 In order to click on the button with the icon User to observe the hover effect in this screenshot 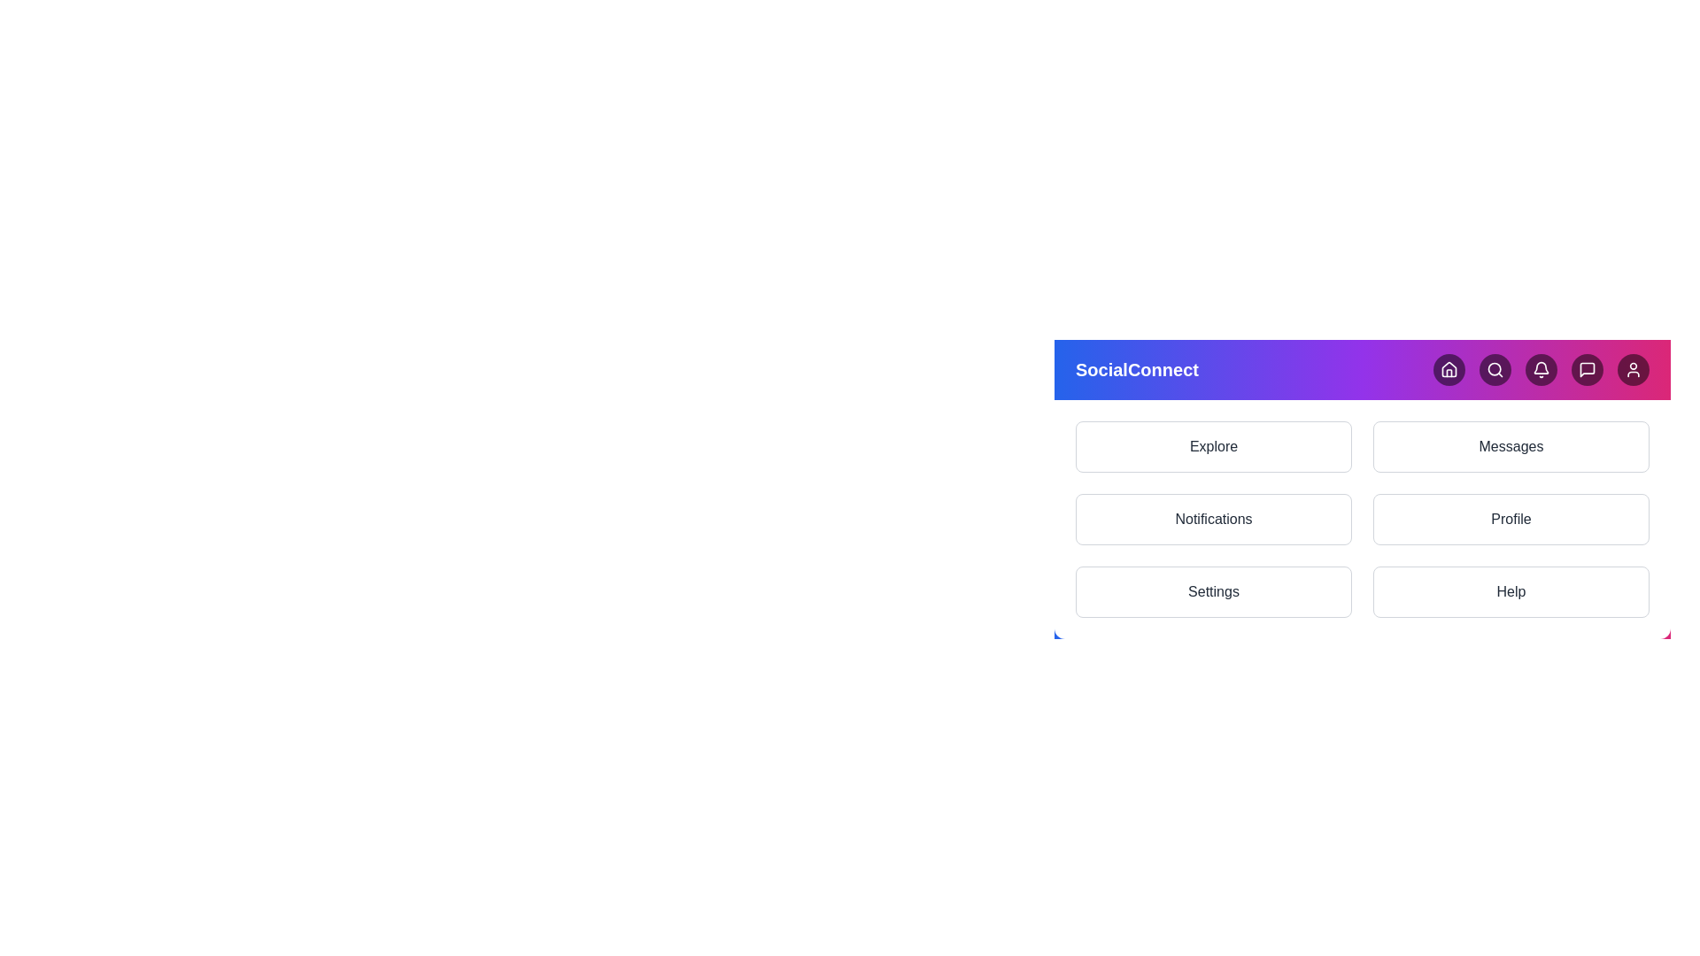, I will do `click(1632, 368)`.